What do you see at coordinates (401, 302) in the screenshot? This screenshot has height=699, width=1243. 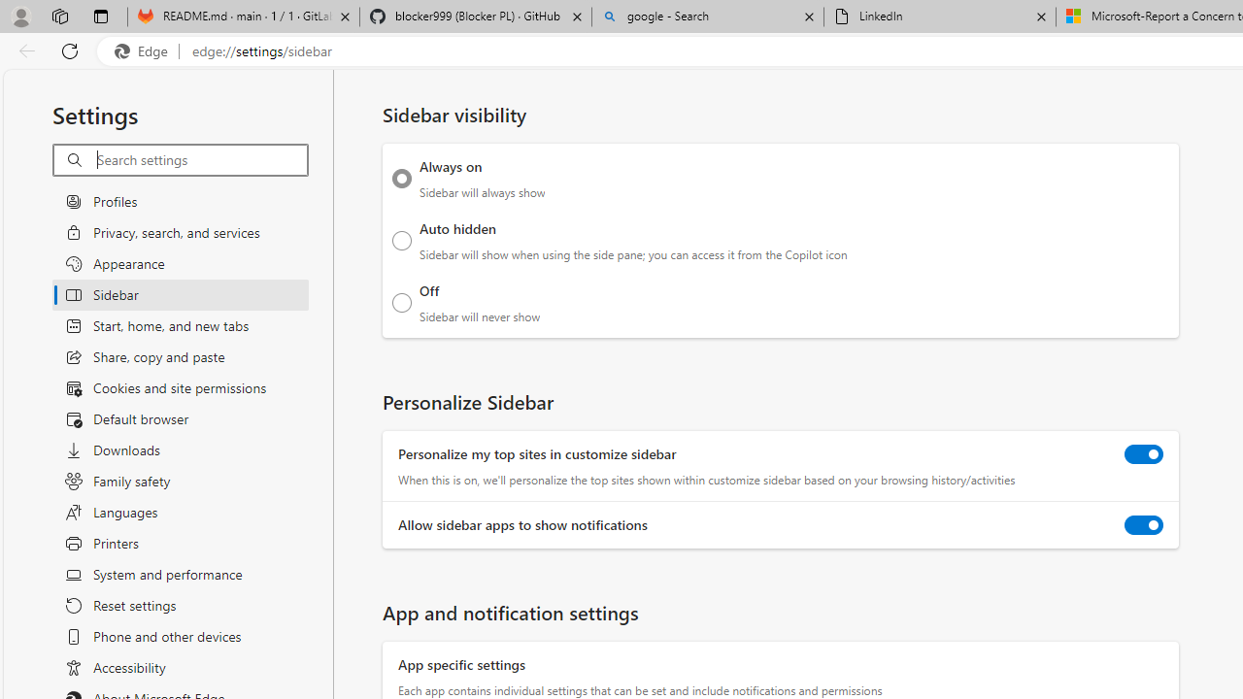 I see `'Off Sidebar will never show'` at bounding box center [401, 302].